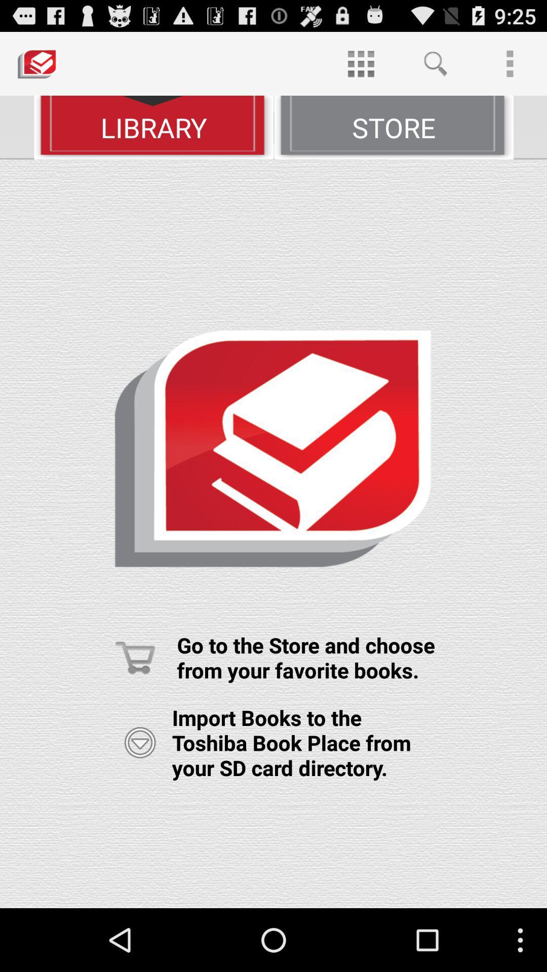  Describe the element at coordinates (135, 703) in the screenshot. I see `the cart icon` at that location.